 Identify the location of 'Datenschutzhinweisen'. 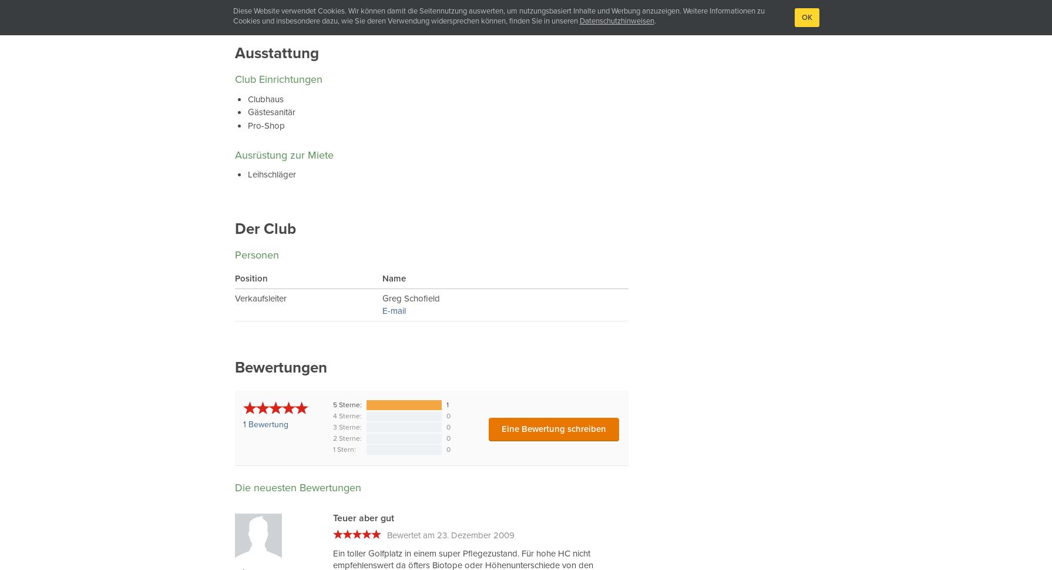
(578, 21).